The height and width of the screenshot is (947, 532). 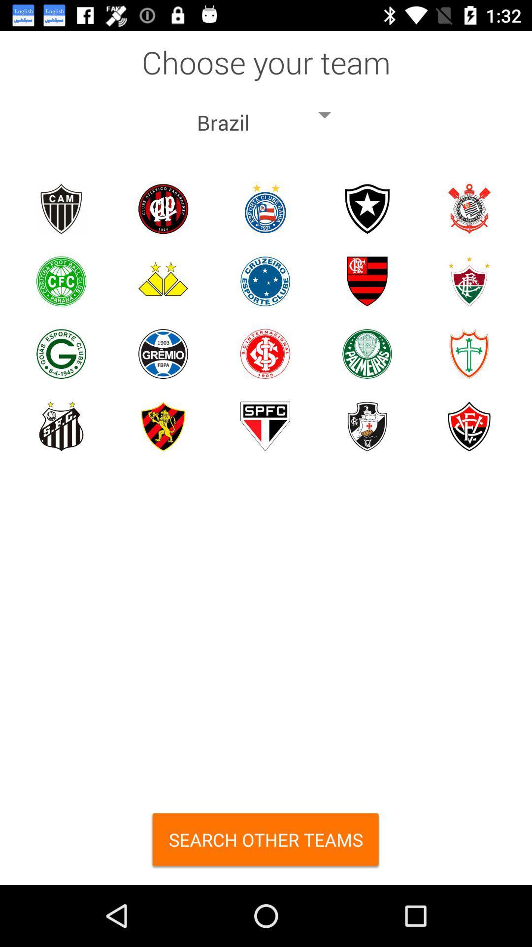 I want to click on choose logo, so click(x=367, y=208).